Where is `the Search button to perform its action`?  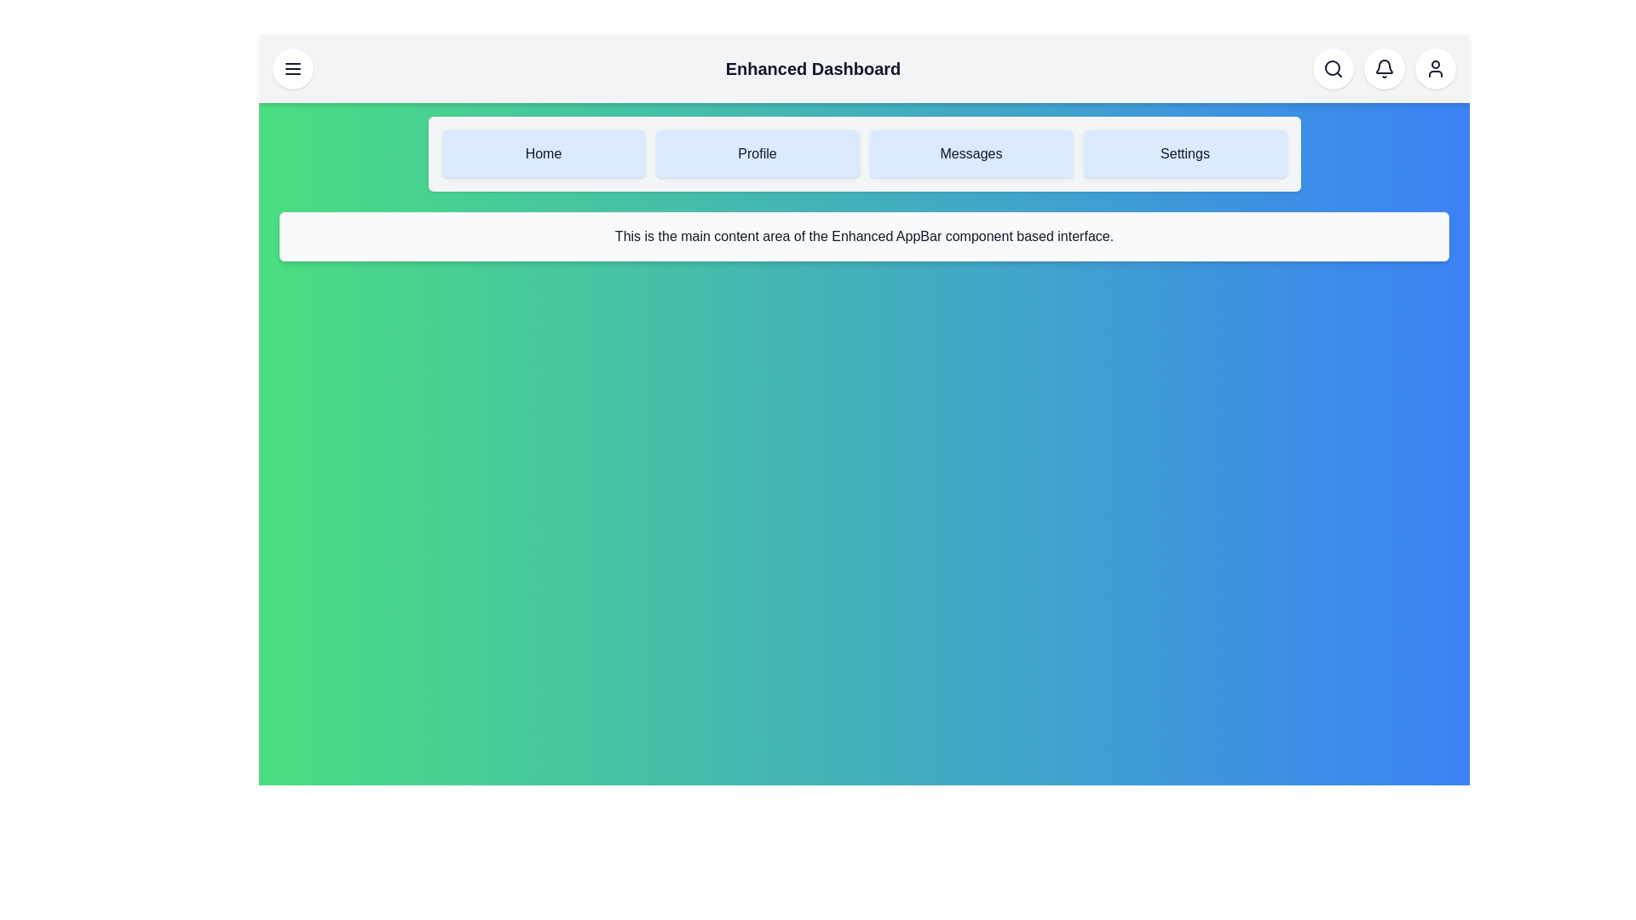
the Search button to perform its action is located at coordinates (1332, 68).